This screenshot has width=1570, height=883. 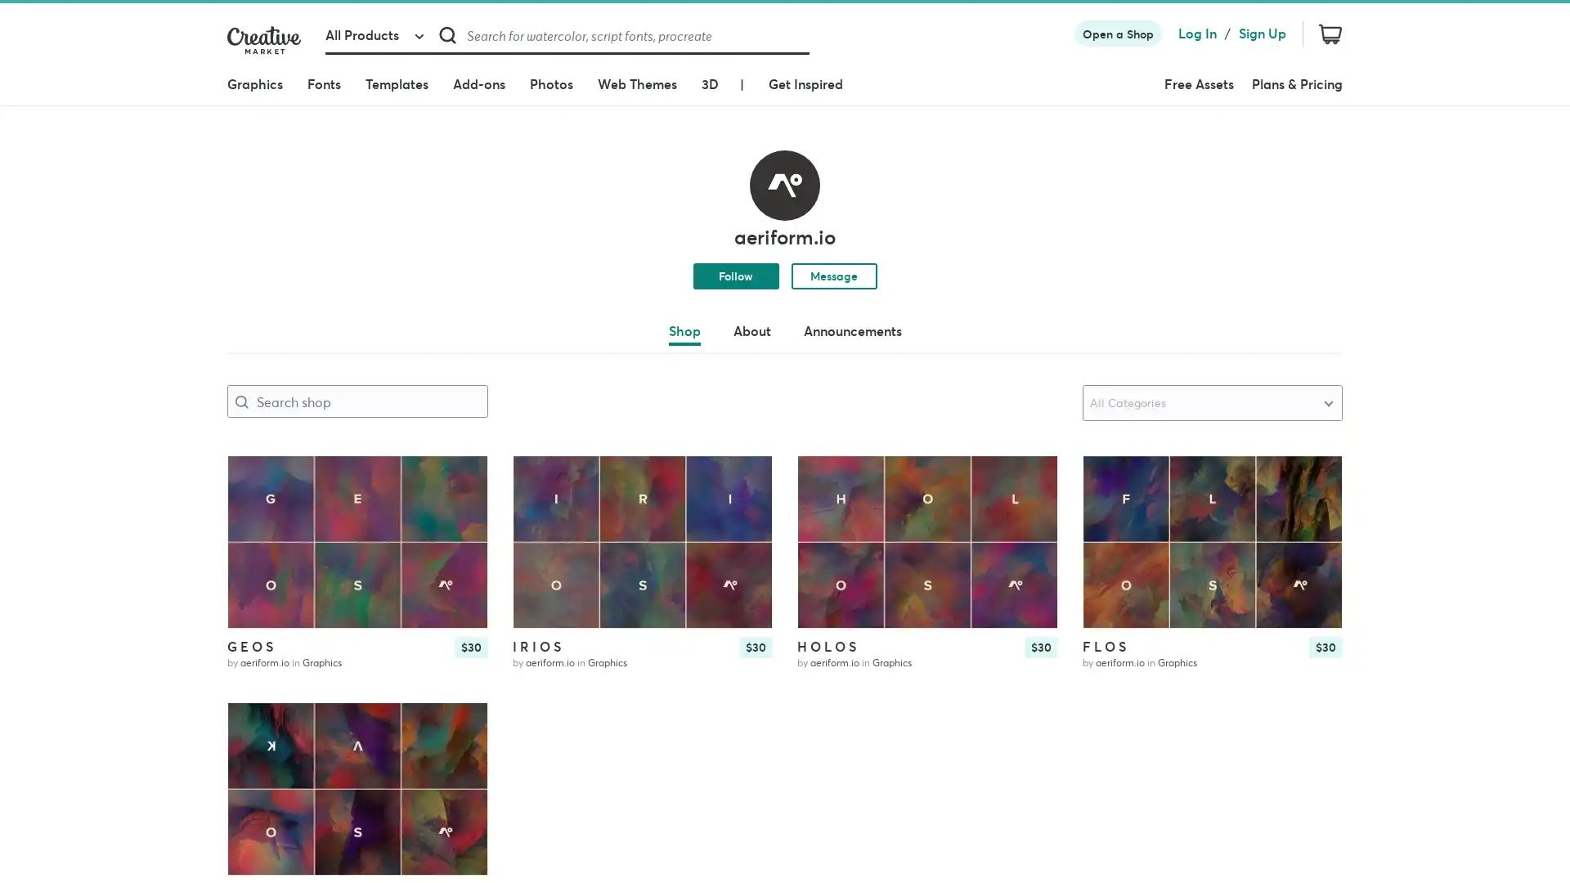 I want to click on Message, so click(x=833, y=274).